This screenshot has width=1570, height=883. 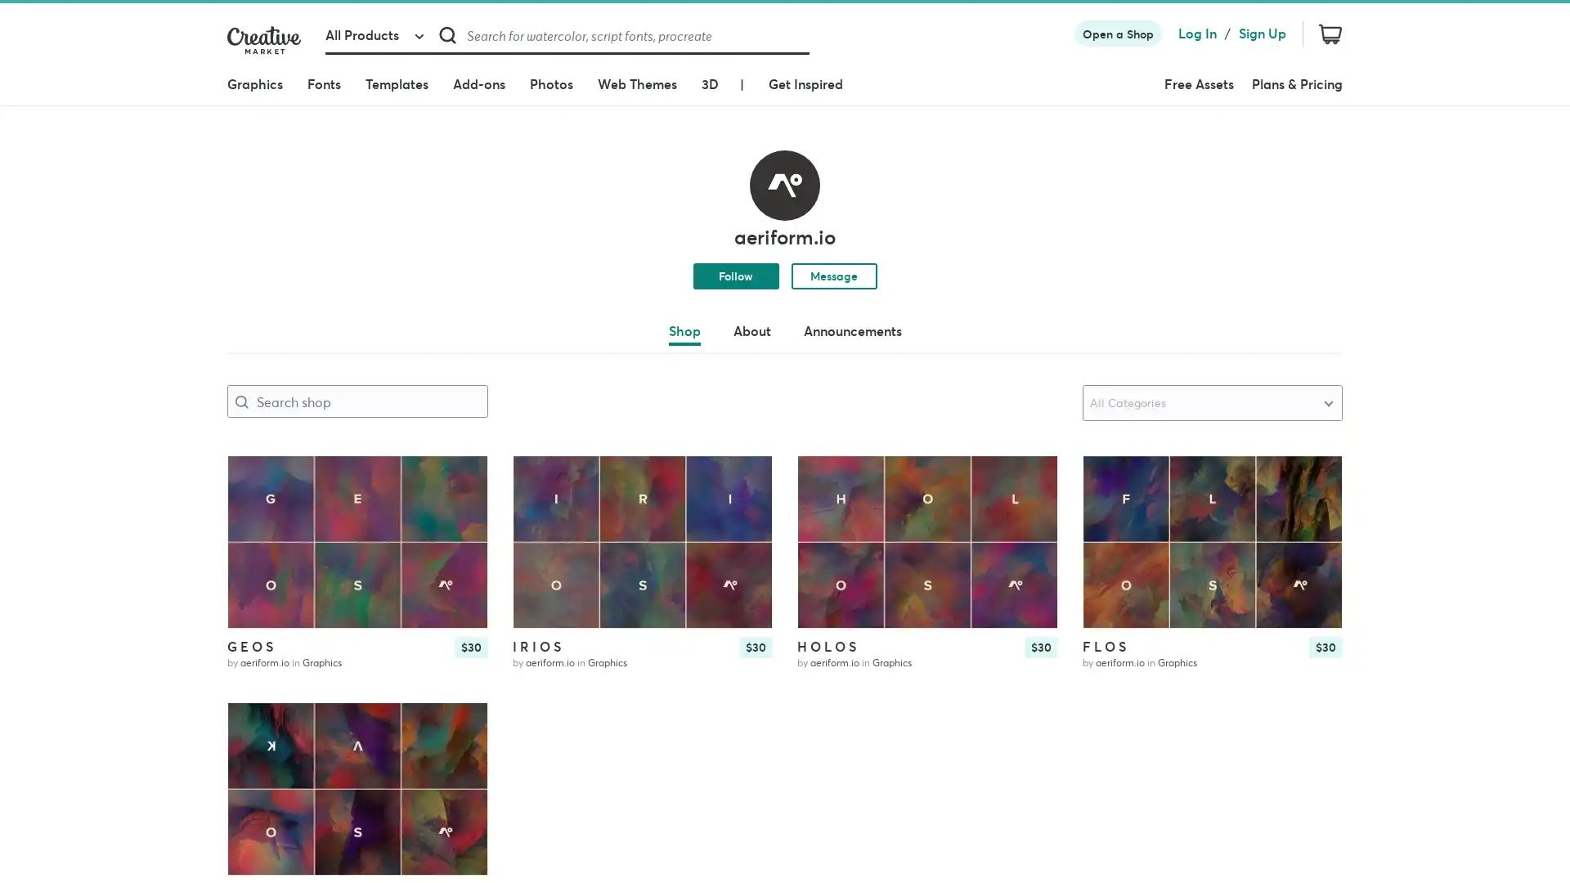 I want to click on Message, so click(x=833, y=274).